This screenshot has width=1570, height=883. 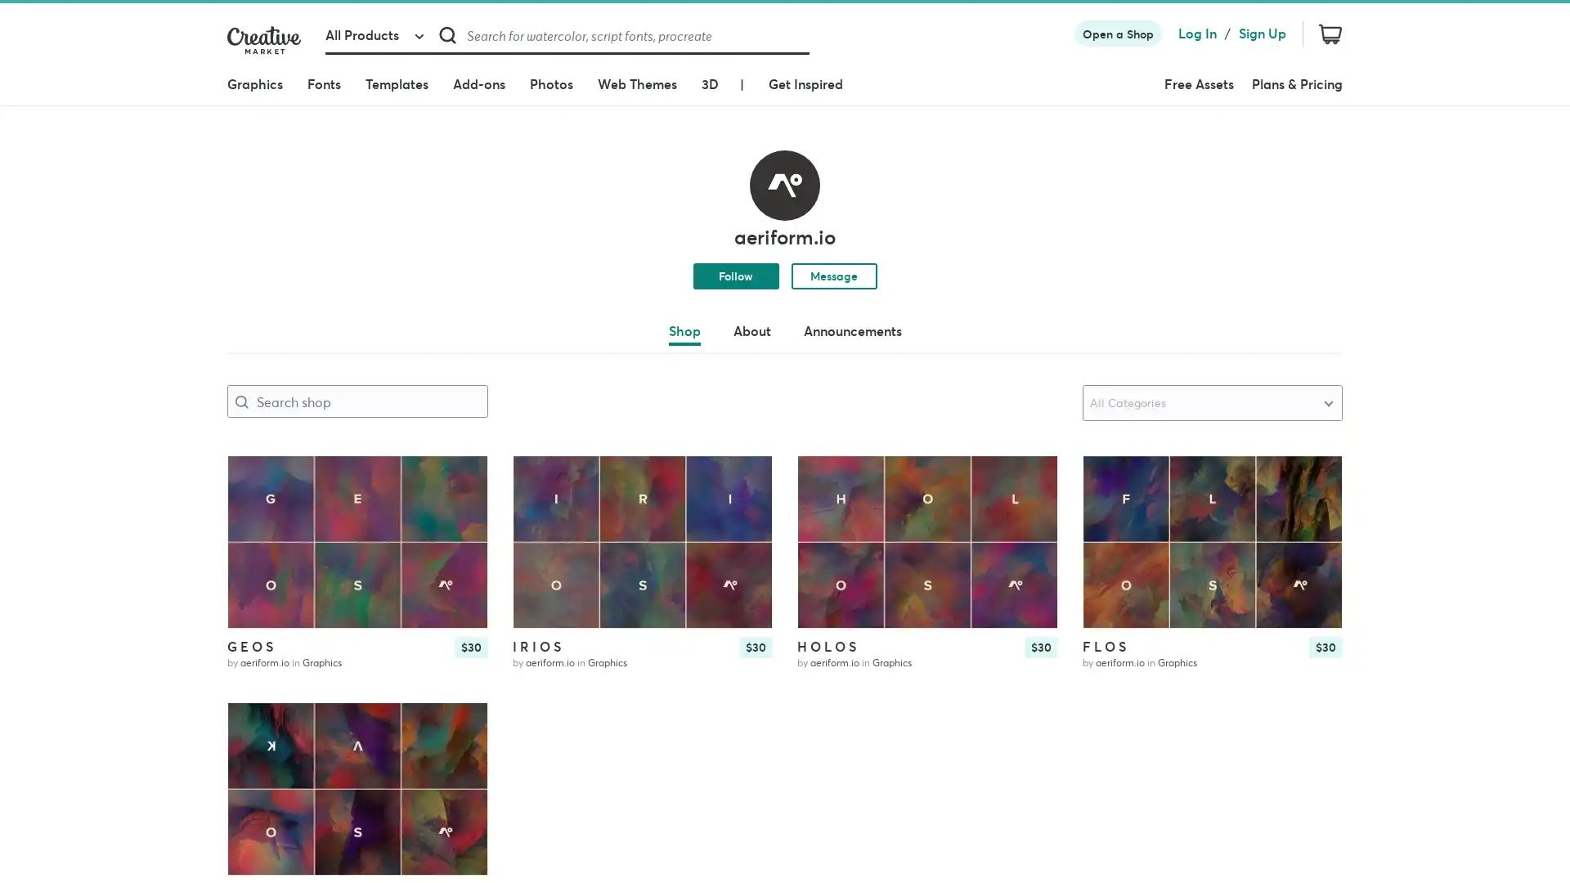 I want to click on Message, so click(x=833, y=274).